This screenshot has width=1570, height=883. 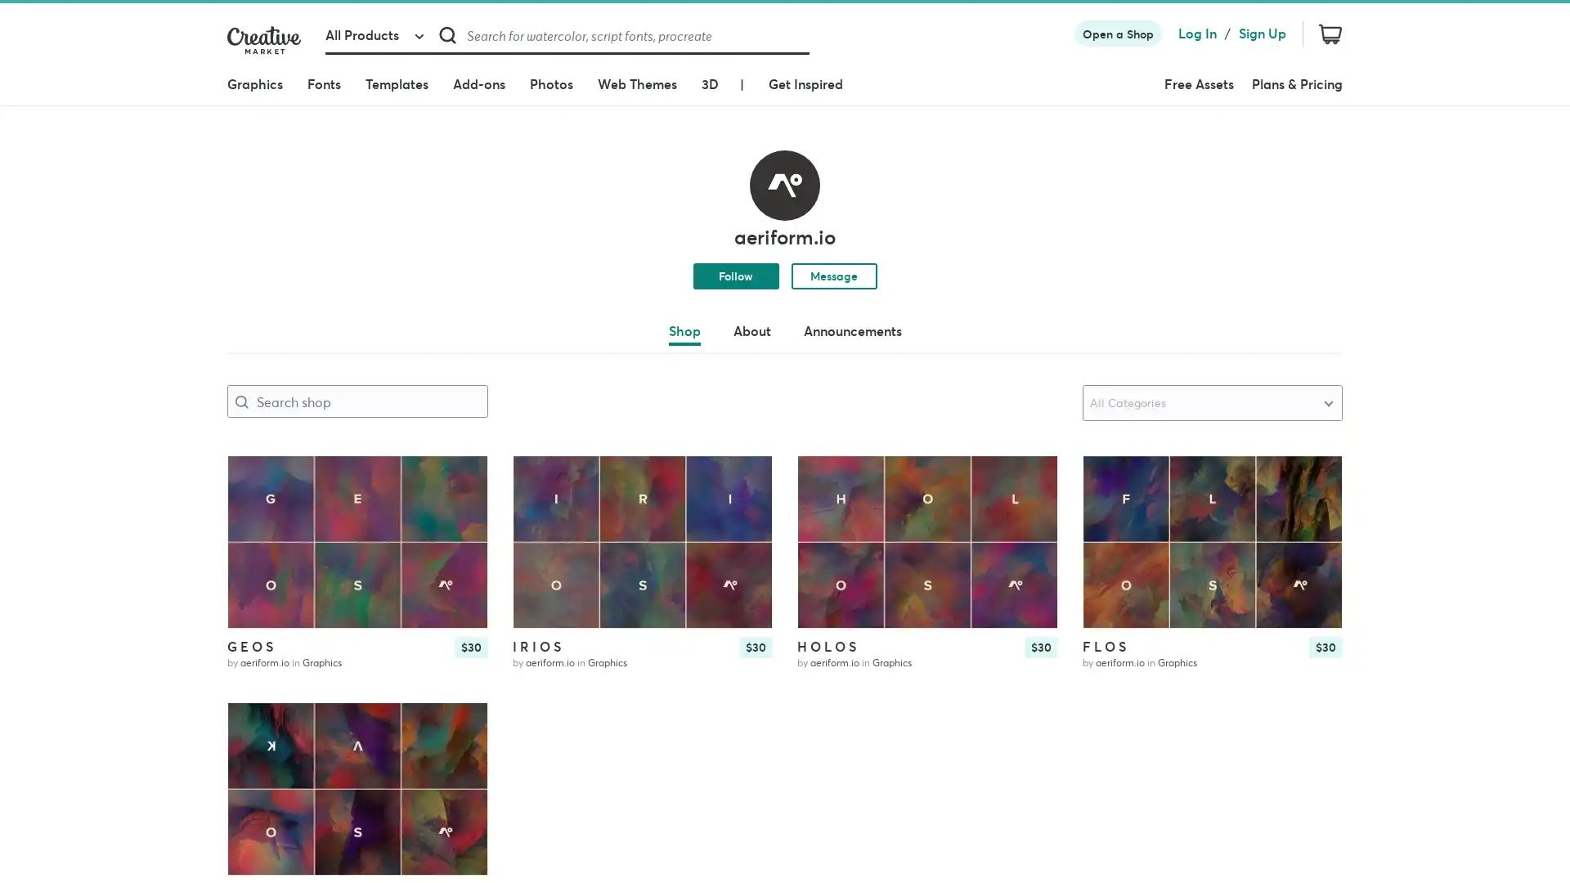 I want to click on Message, so click(x=833, y=274).